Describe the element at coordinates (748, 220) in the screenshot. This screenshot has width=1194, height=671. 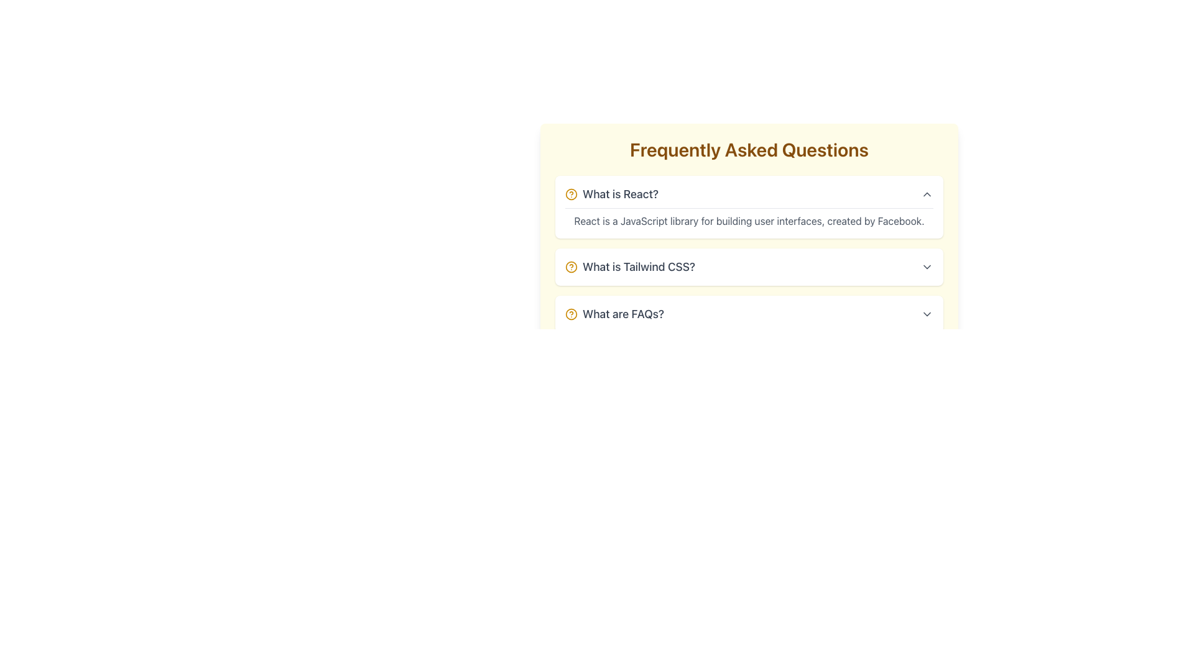
I see `text content that explains the topic 'React', located directly below the 'What is React?' header in the FAQ section` at that location.